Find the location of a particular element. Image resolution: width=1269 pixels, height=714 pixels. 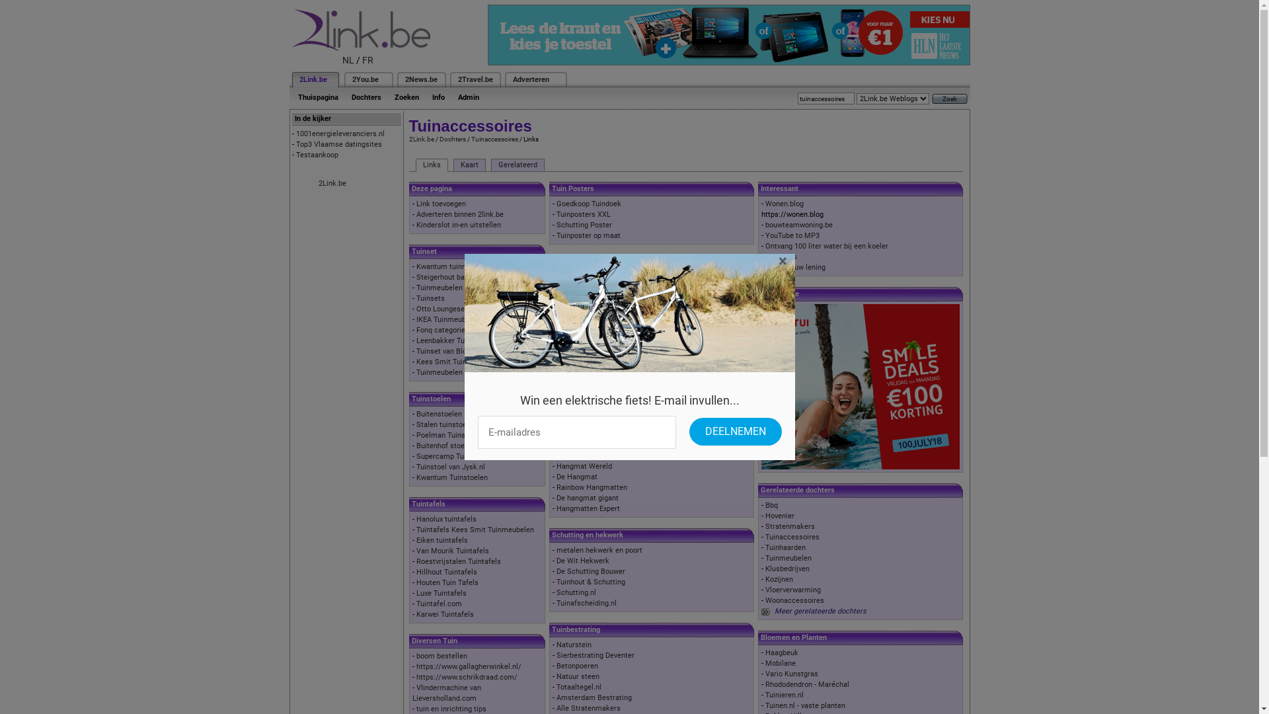

'Eiken tuintafels' is located at coordinates (442, 540).